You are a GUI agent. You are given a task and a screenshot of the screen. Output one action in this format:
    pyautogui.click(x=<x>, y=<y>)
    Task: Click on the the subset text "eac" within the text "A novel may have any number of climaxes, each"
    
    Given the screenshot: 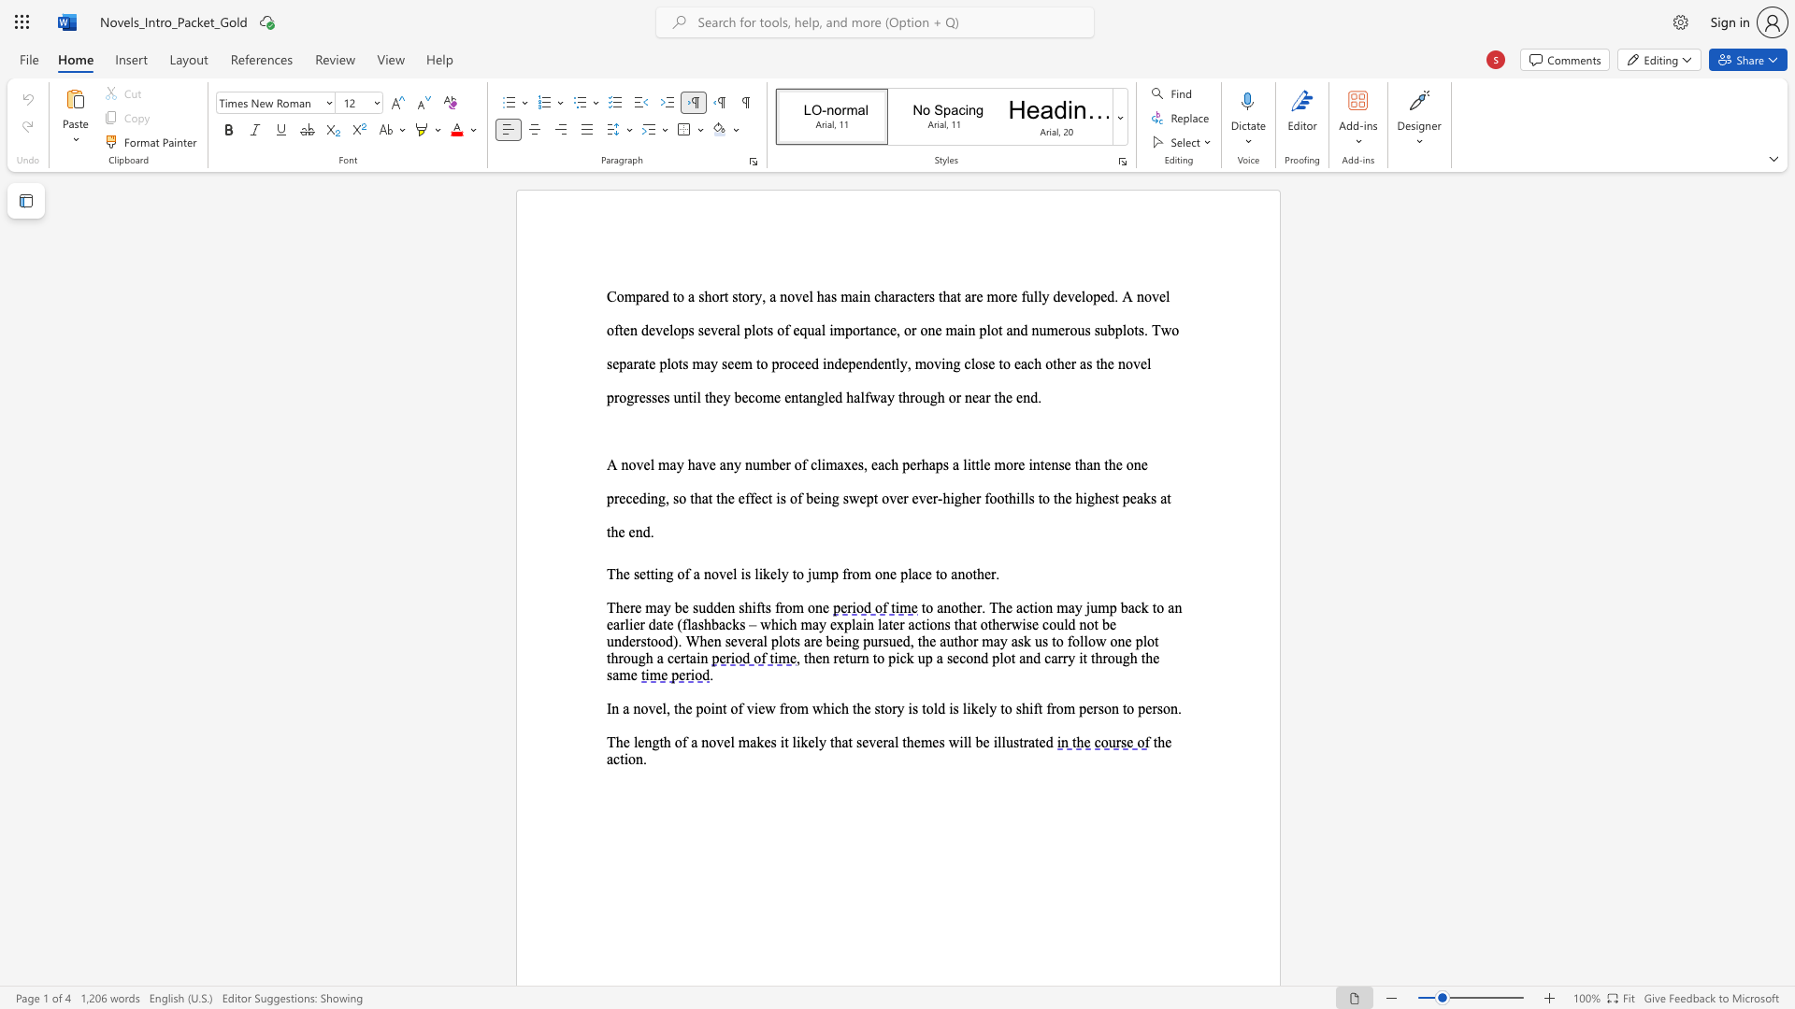 What is the action you would take?
    pyautogui.click(x=869, y=463)
    